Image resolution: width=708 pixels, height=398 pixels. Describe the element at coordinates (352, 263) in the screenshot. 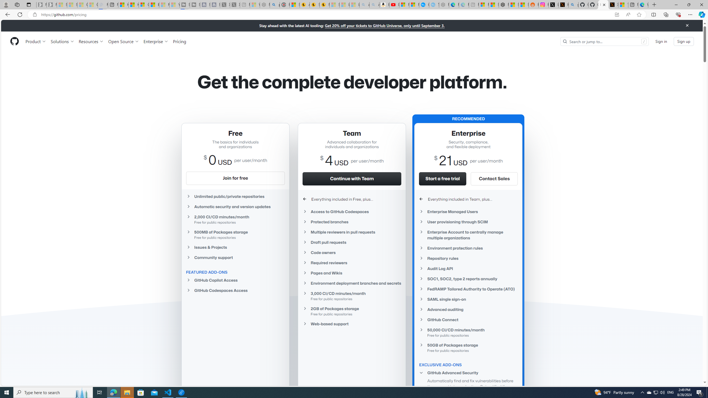

I see `'Required reviewers'` at that location.